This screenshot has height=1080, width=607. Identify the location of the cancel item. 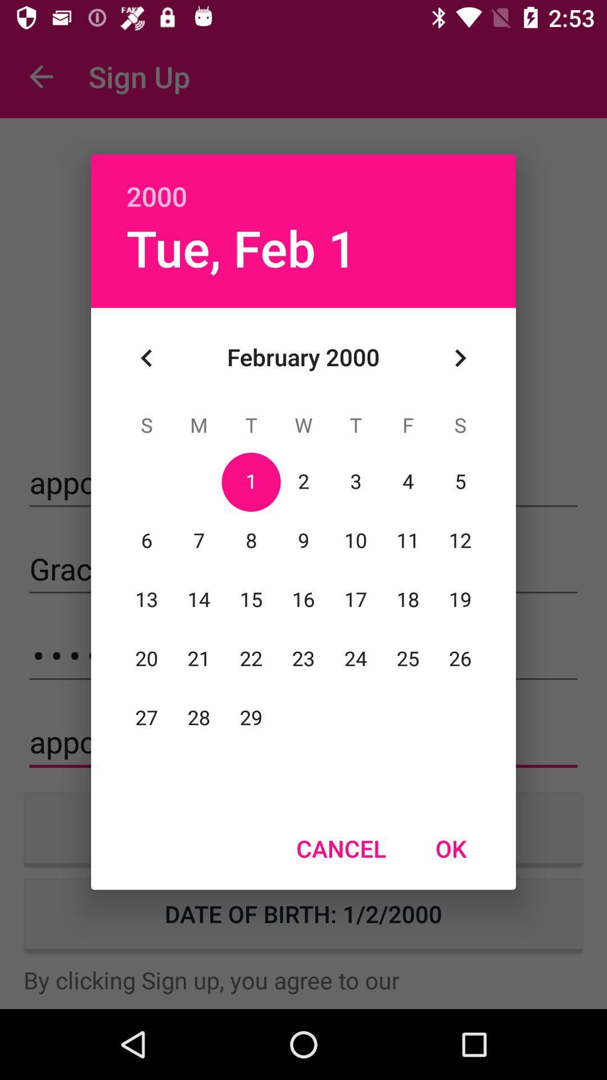
(341, 848).